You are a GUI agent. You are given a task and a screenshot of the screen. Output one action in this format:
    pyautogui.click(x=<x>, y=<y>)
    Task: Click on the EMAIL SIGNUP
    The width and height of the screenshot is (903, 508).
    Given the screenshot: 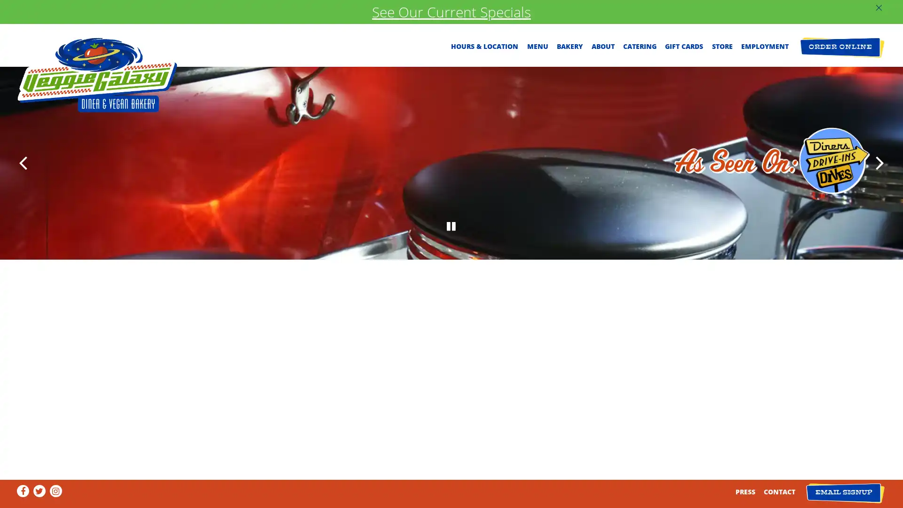 What is the action you would take?
    pyautogui.click(x=845, y=492)
    